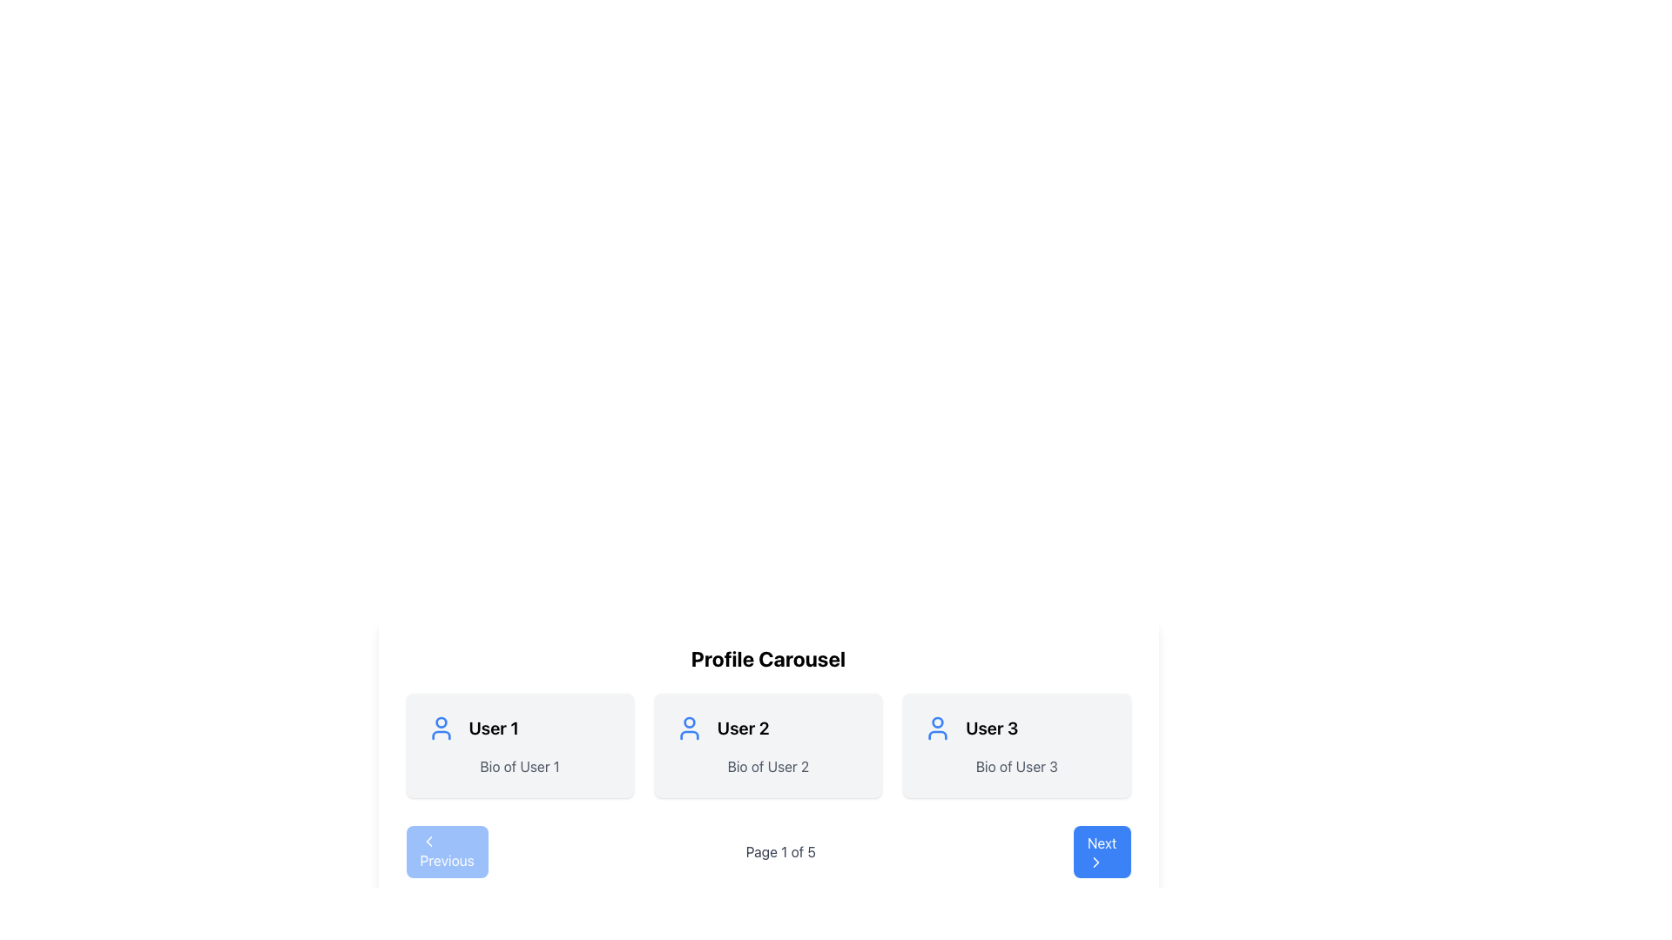 This screenshot has height=940, width=1672. What do you see at coordinates (428, 841) in the screenshot?
I see `the icon located in the 'Previous' button, which serves as an indicator for navigating to the previous content or page` at bounding box center [428, 841].